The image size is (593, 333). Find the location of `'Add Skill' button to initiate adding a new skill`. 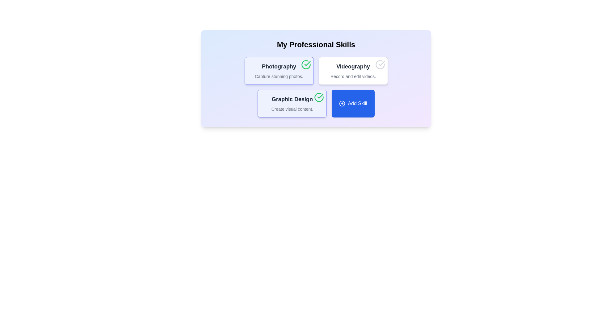

'Add Skill' button to initiate adding a new skill is located at coordinates (353, 103).